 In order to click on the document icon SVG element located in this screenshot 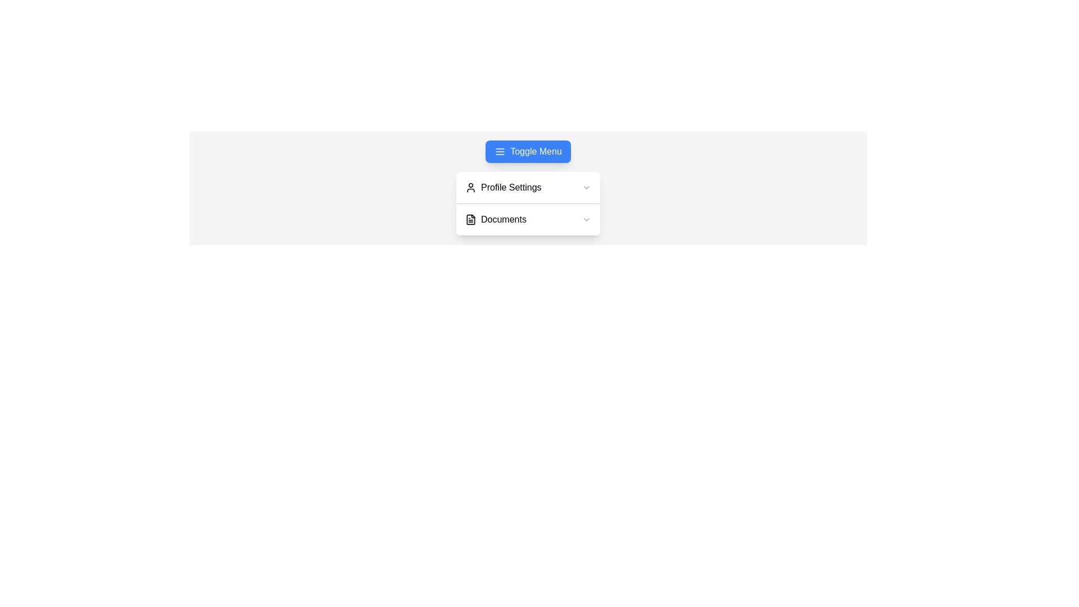, I will do `click(471, 219)`.